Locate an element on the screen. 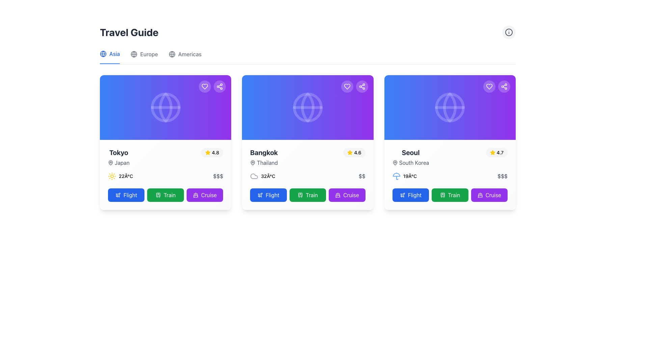 The width and height of the screenshot is (648, 364). the ship icon, which is outlined in a thin stroke with a white fill, located within the purple 'Cruise' button on the Bangkok destination card is located at coordinates (338, 195).